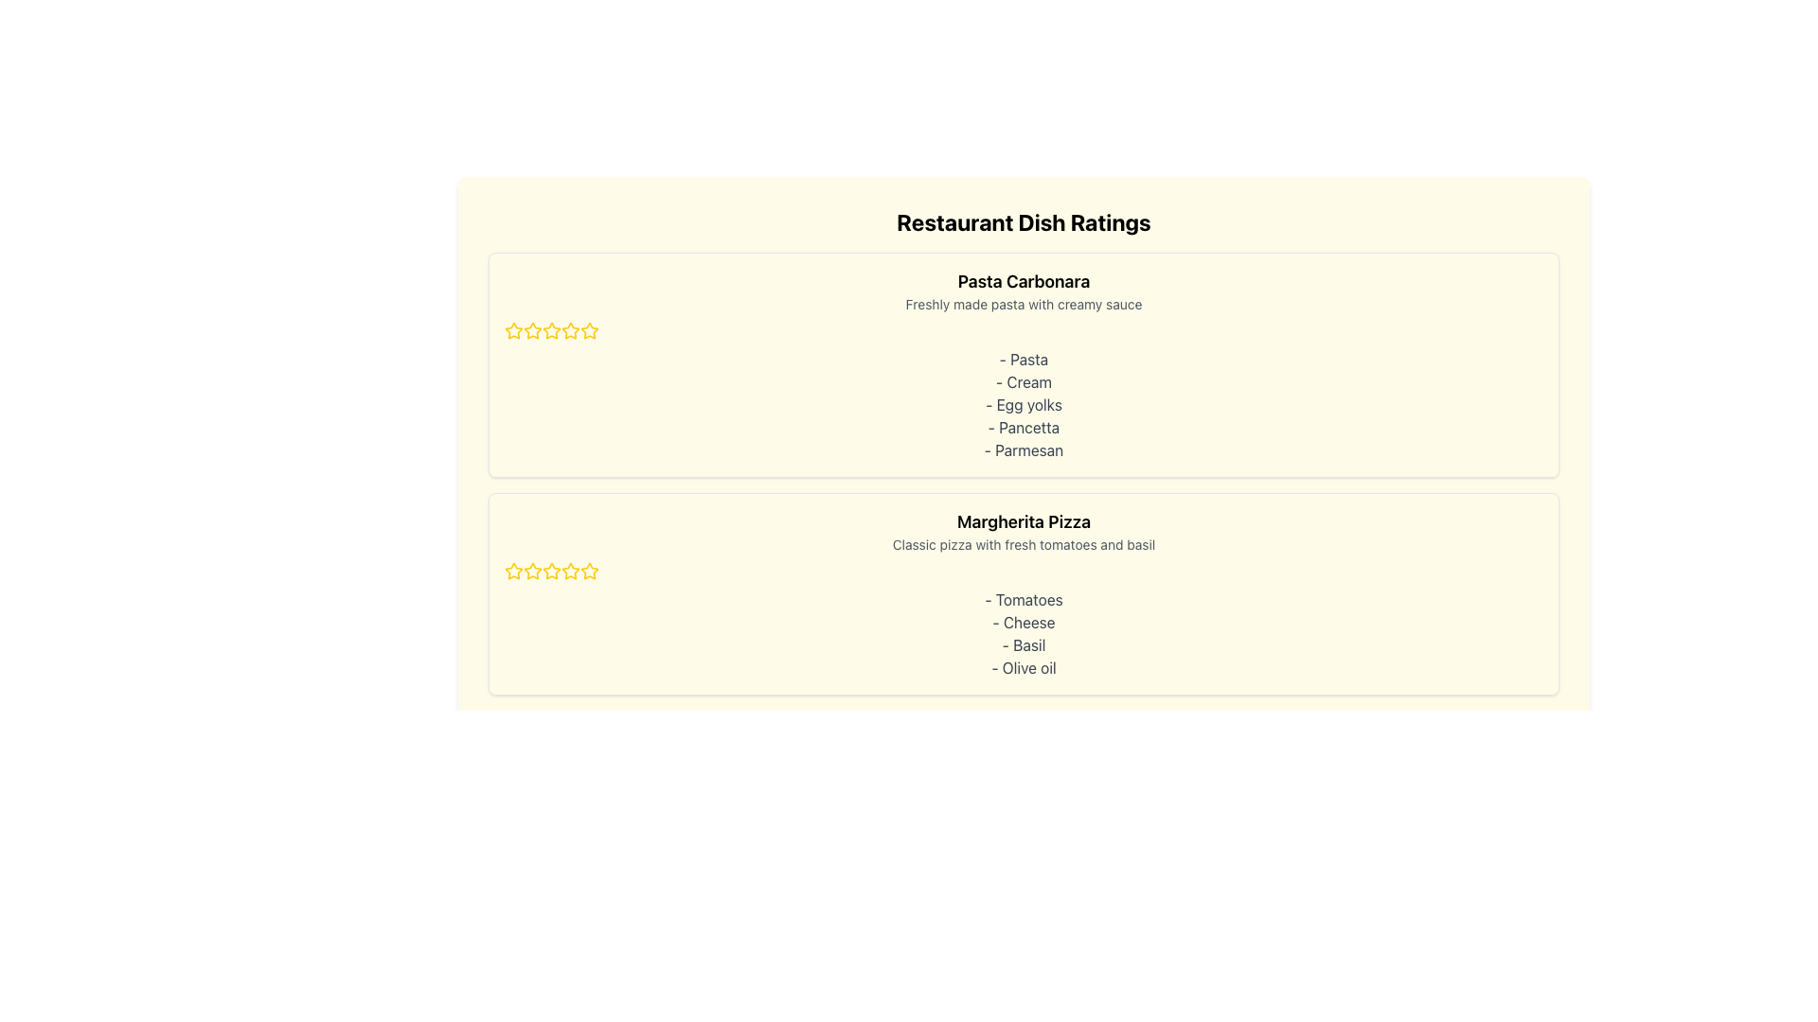 This screenshot has width=1818, height=1022. Describe the element at coordinates (531, 570) in the screenshot. I see `the first star rating icon of the 'Margherita Pizza' dish` at that location.